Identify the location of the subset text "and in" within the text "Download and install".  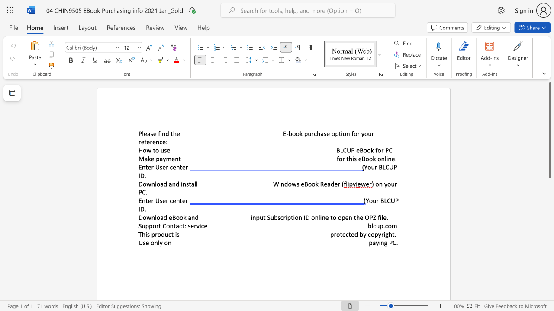
(168, 184).